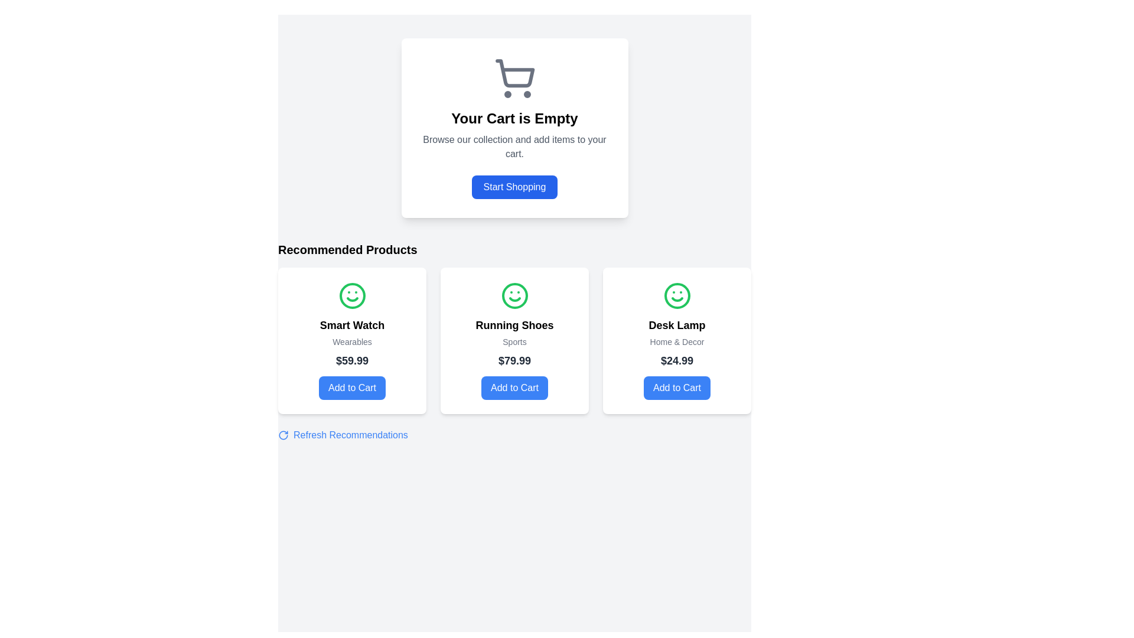  I want to click on the text label displaying 'Sports' which is located under 'Recommended Products' and above the price '$79.99', so click(514, 341).